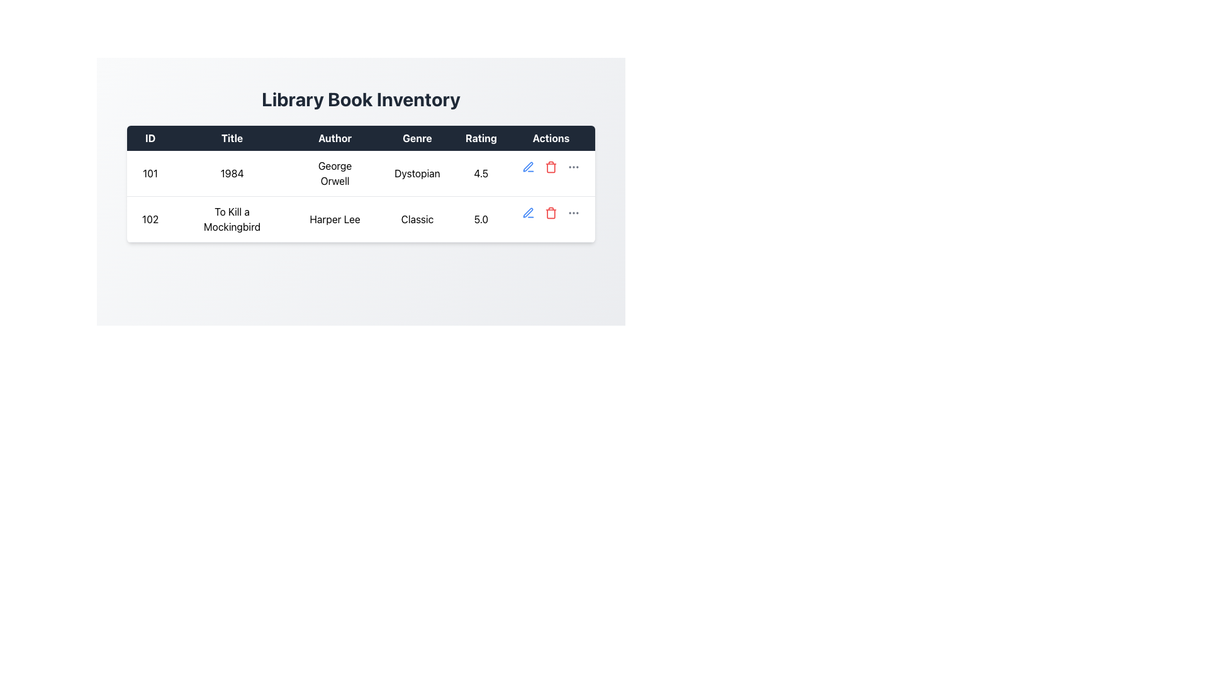 Image resolution: width=1208 pixels, height=679 pixels. What do you see at coordinates (551, 165) in the screenshot?
I see `the trash icon button in the 'Actions' column for the book '1984' by 'George Orwell'` at bounding box center [551, 165].